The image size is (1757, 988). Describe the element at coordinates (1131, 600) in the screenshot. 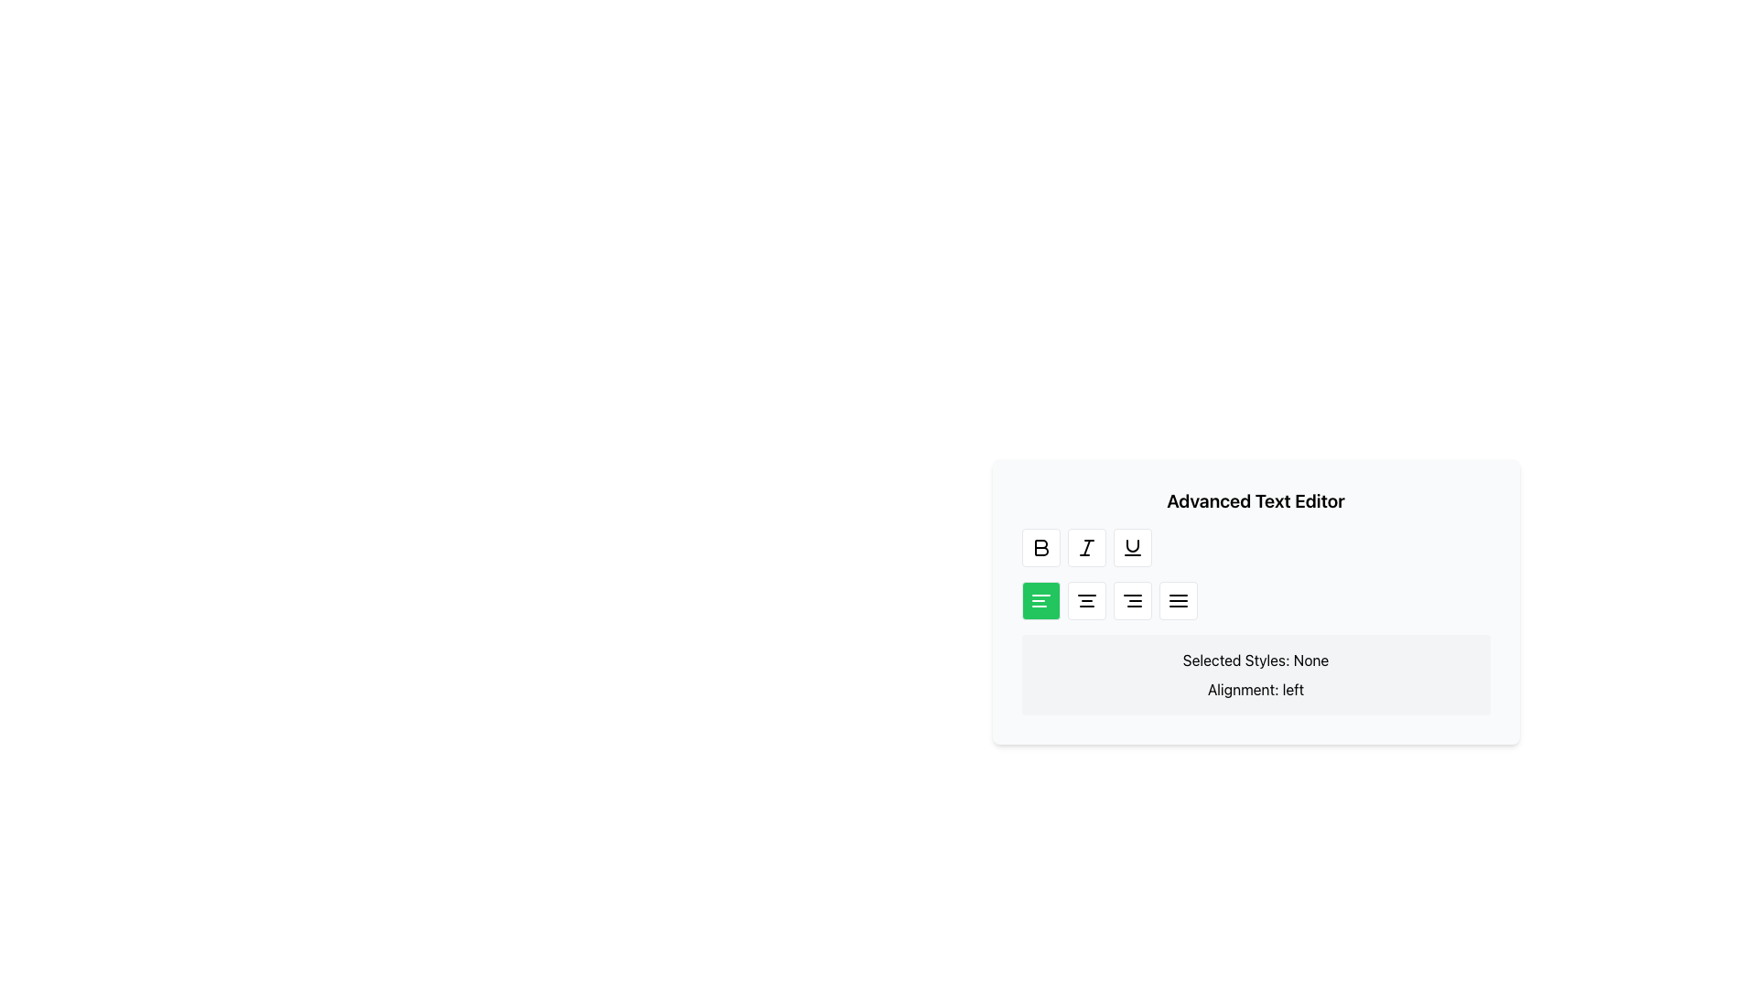

I see `the toggle button icon with three horizontal lines located in the bottom row of the toolbar in the Advanced Text Editor` at that location.